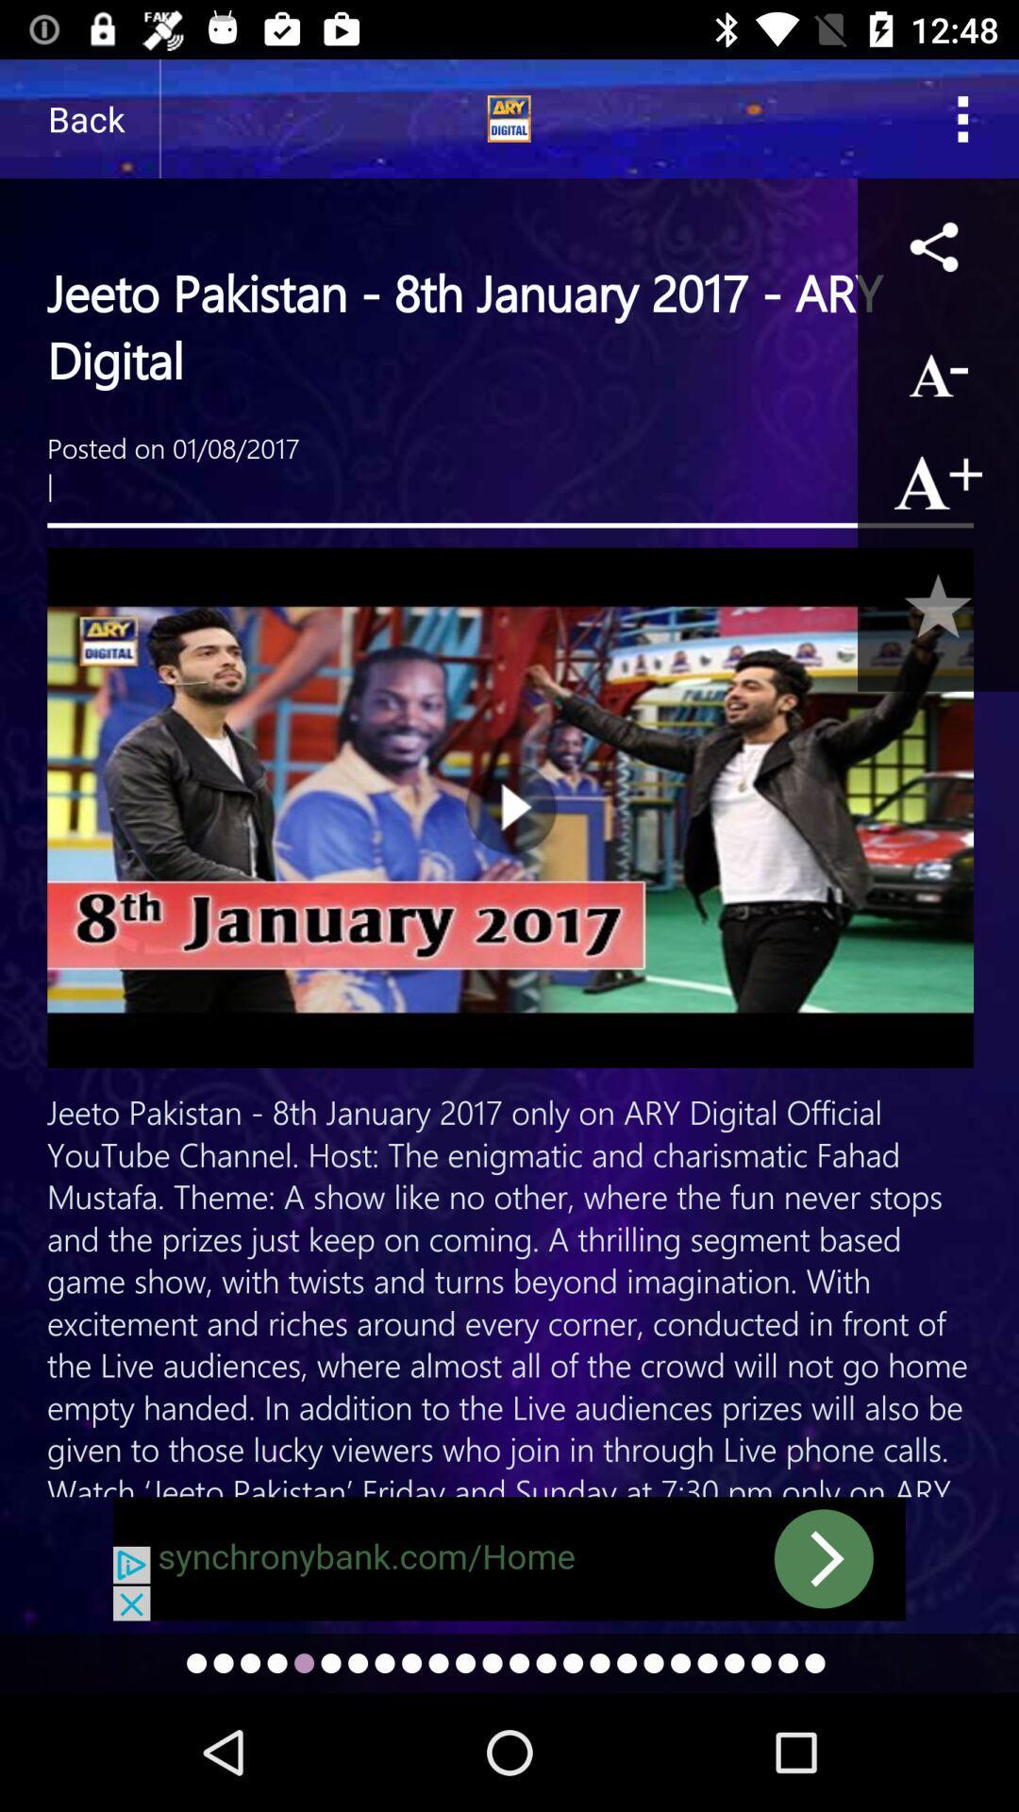 The height and width of the screenshot is (1812, 1019). What do you see at coordinates (938, 244) in the screenshot?
I see `share article` at bounding box center [938, 244].